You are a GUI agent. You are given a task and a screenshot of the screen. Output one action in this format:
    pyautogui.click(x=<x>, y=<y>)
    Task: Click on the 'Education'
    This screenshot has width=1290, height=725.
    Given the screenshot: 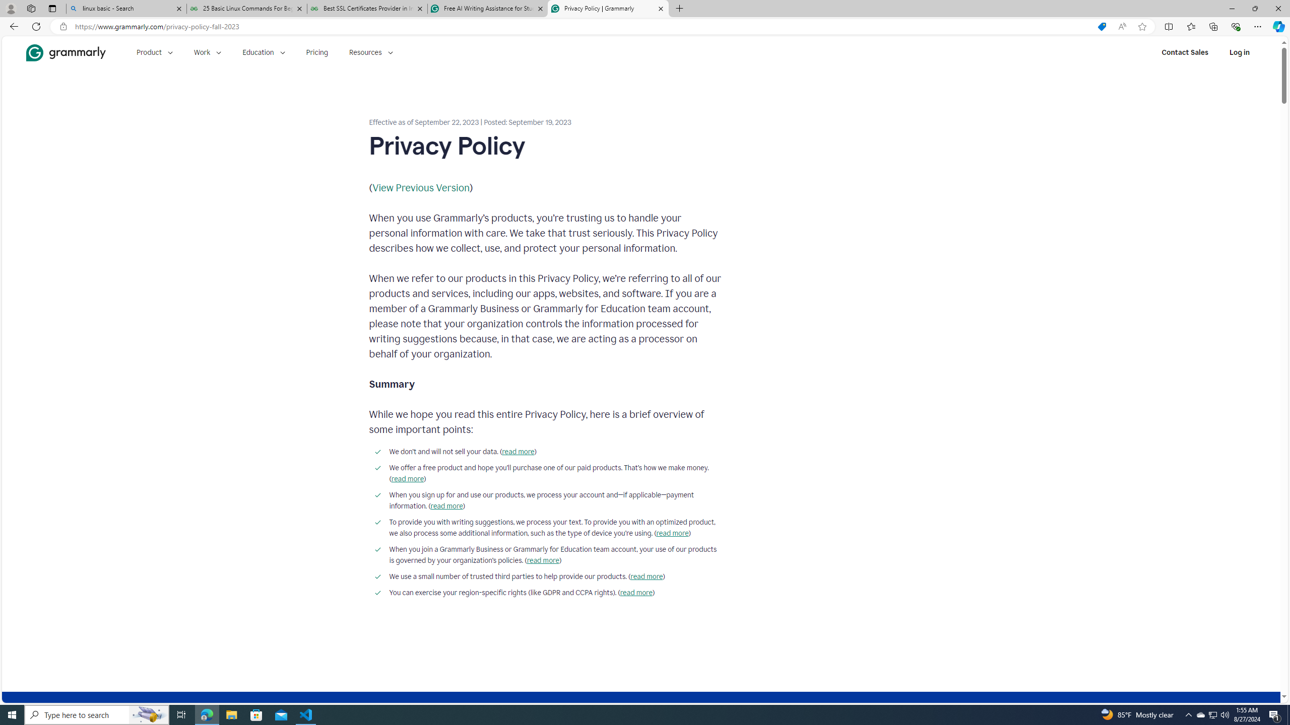 What is the action you would take?
    pyautogui.click(x=263, y=52)
    